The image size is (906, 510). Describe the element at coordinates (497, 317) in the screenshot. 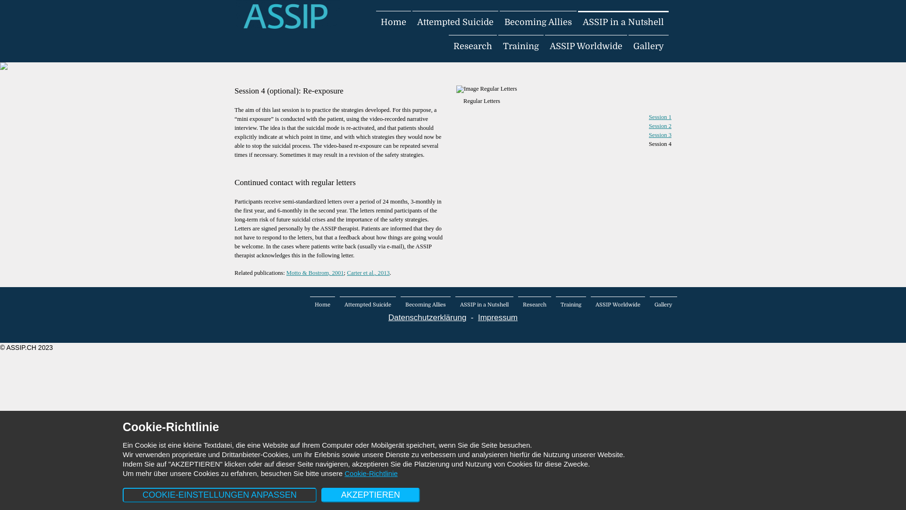

I see `'Impressum'` at that location.